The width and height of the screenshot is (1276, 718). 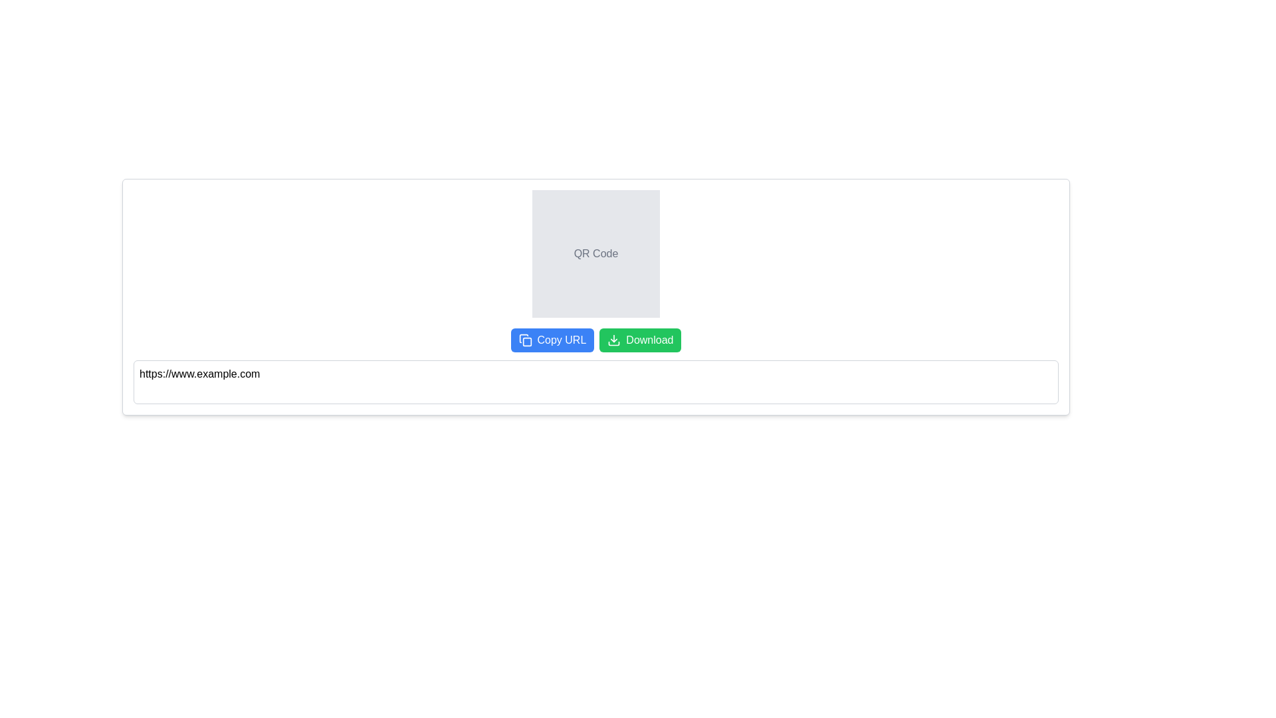 I want to click on the 'Copy URL' button with rounded corners and a blue background, located slightly left of center in the layout, to observe any tooltip or highlight effect, so click(x=552, y=340).